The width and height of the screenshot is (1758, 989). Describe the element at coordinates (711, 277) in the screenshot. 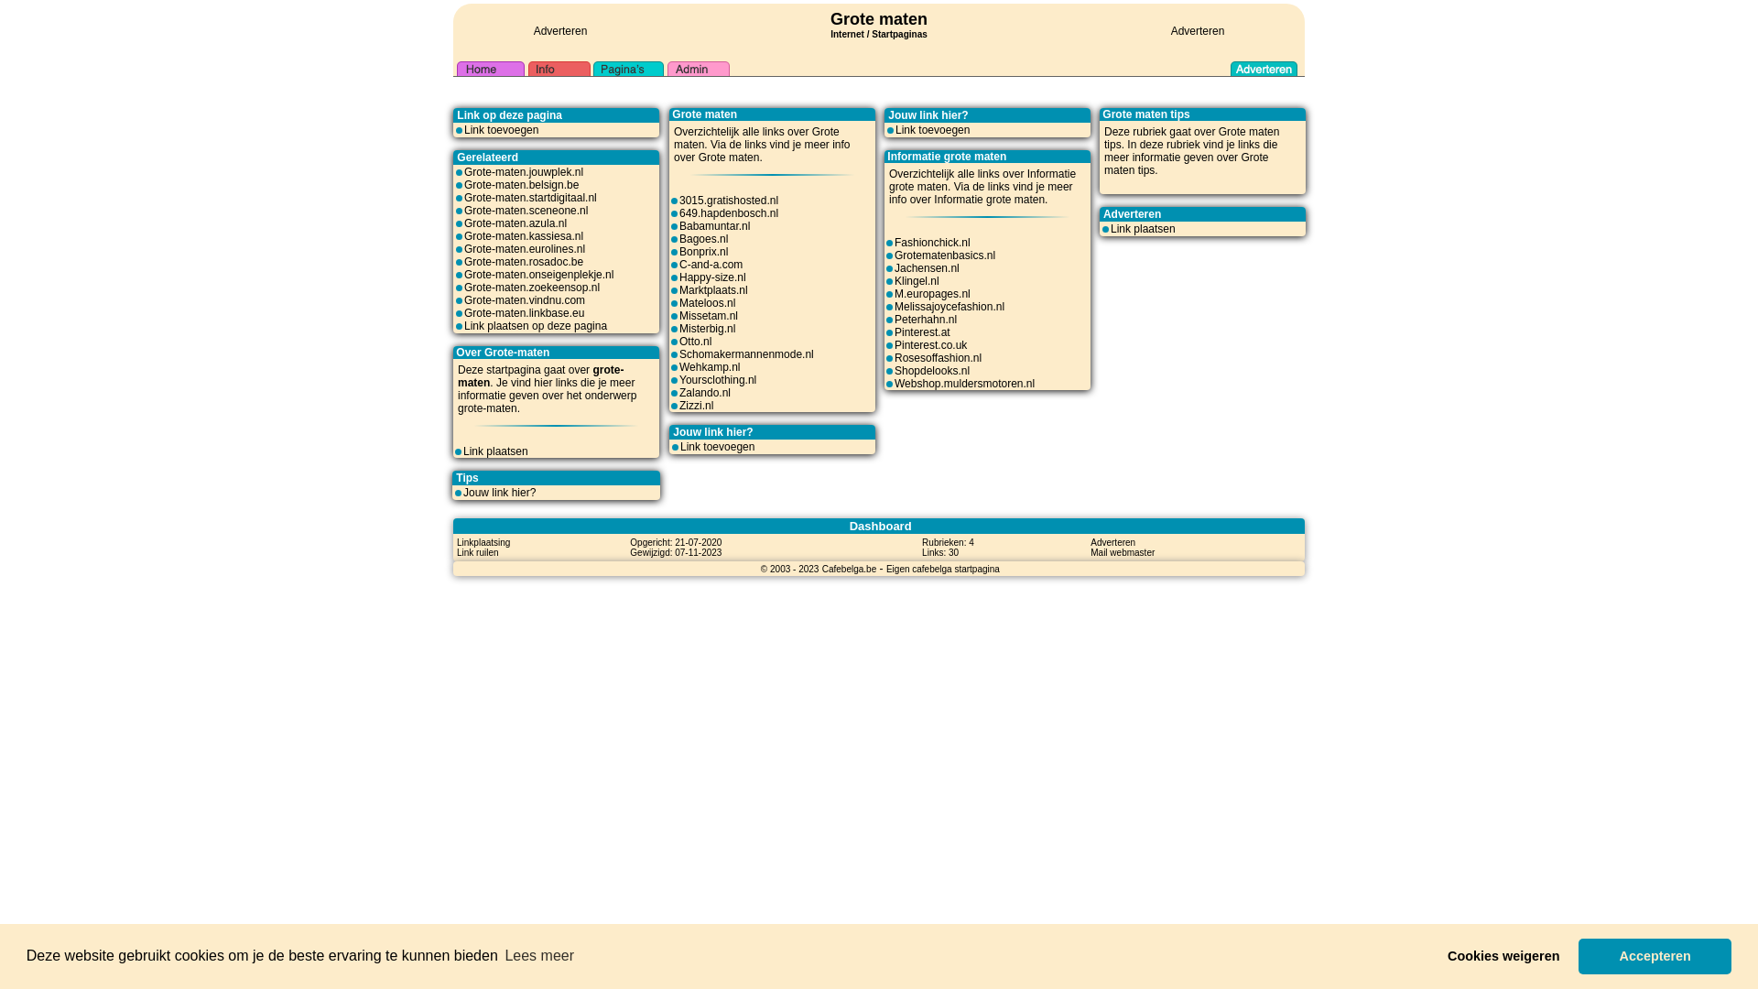

I see `'Happy-size.nl'` at that location.